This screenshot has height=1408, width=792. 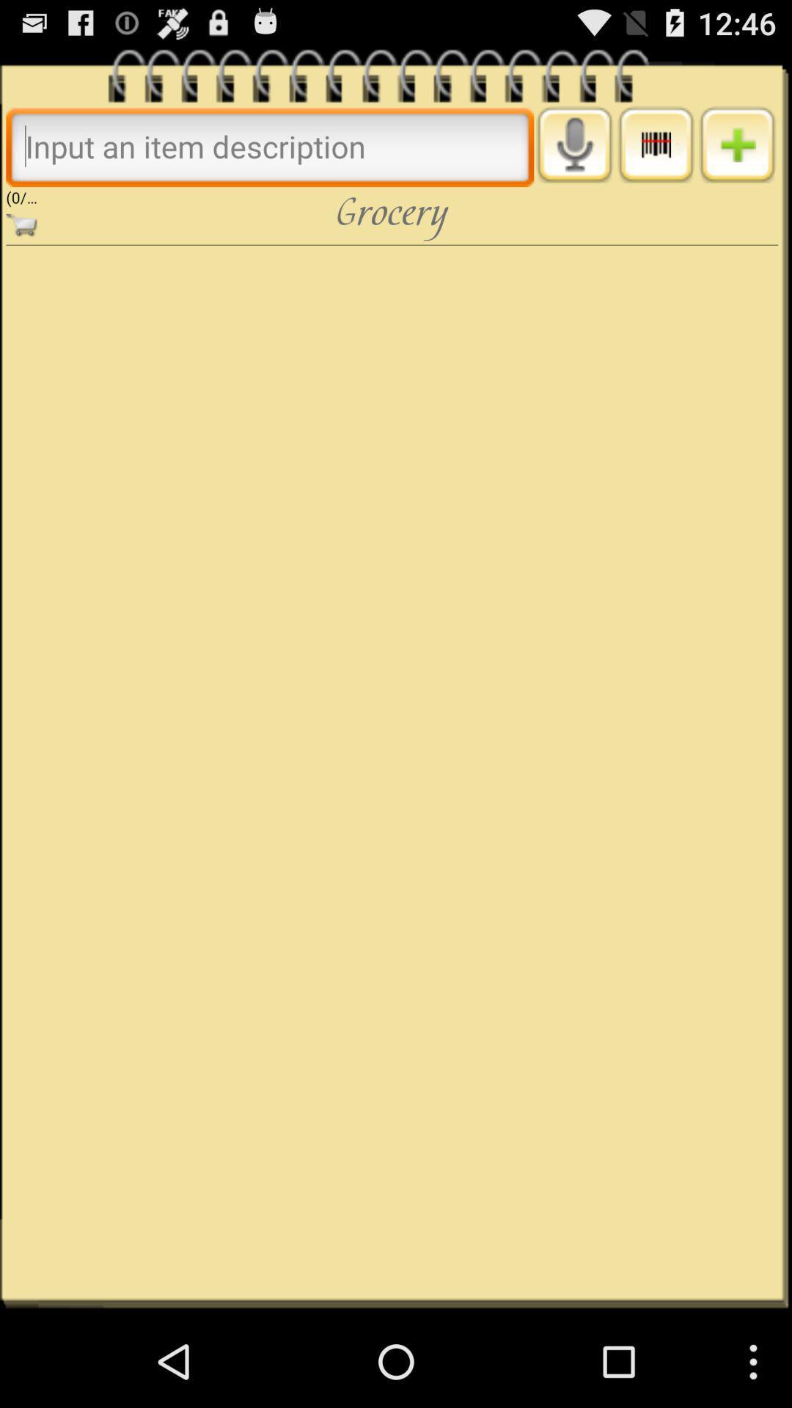 I want to click on the microphone icon, so click(x=573, y=155).